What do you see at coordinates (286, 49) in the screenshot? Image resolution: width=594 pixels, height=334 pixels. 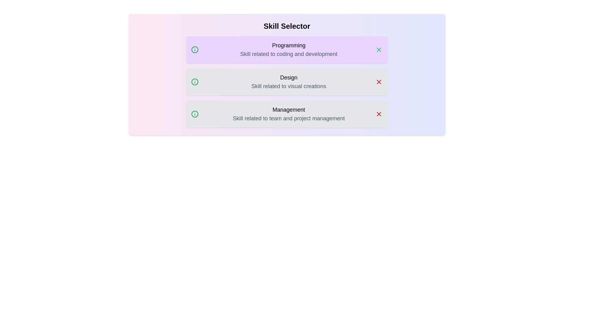 I see `the skill Programming` at bounding box center [286, 49].